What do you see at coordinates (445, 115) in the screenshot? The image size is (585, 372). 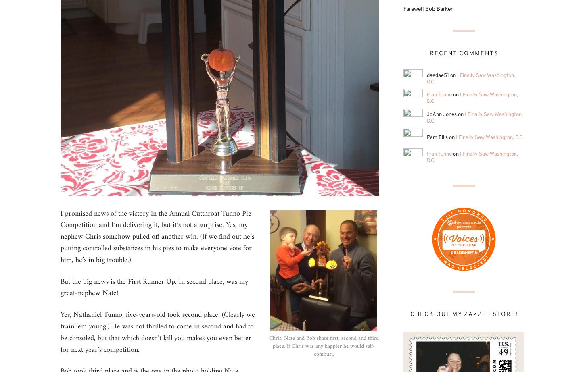 I see `'JoAnn Jones on'` at bounding box center [445, 115].